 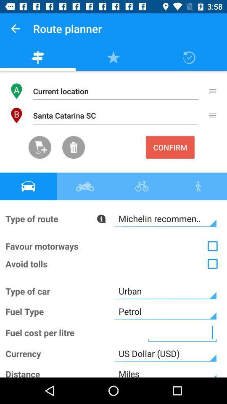 What do you see at coordinates (211, 199) in the screenshot?
I see `the close icon` at bounding box center [211, 199].